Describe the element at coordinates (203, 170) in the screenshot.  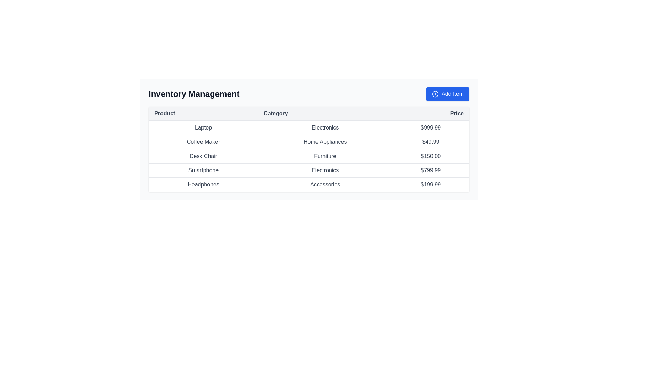
I see `the content of the table cell entry labeled 'Smartphone' in the 'Product' column, fourth row of the inventory list` at that location.